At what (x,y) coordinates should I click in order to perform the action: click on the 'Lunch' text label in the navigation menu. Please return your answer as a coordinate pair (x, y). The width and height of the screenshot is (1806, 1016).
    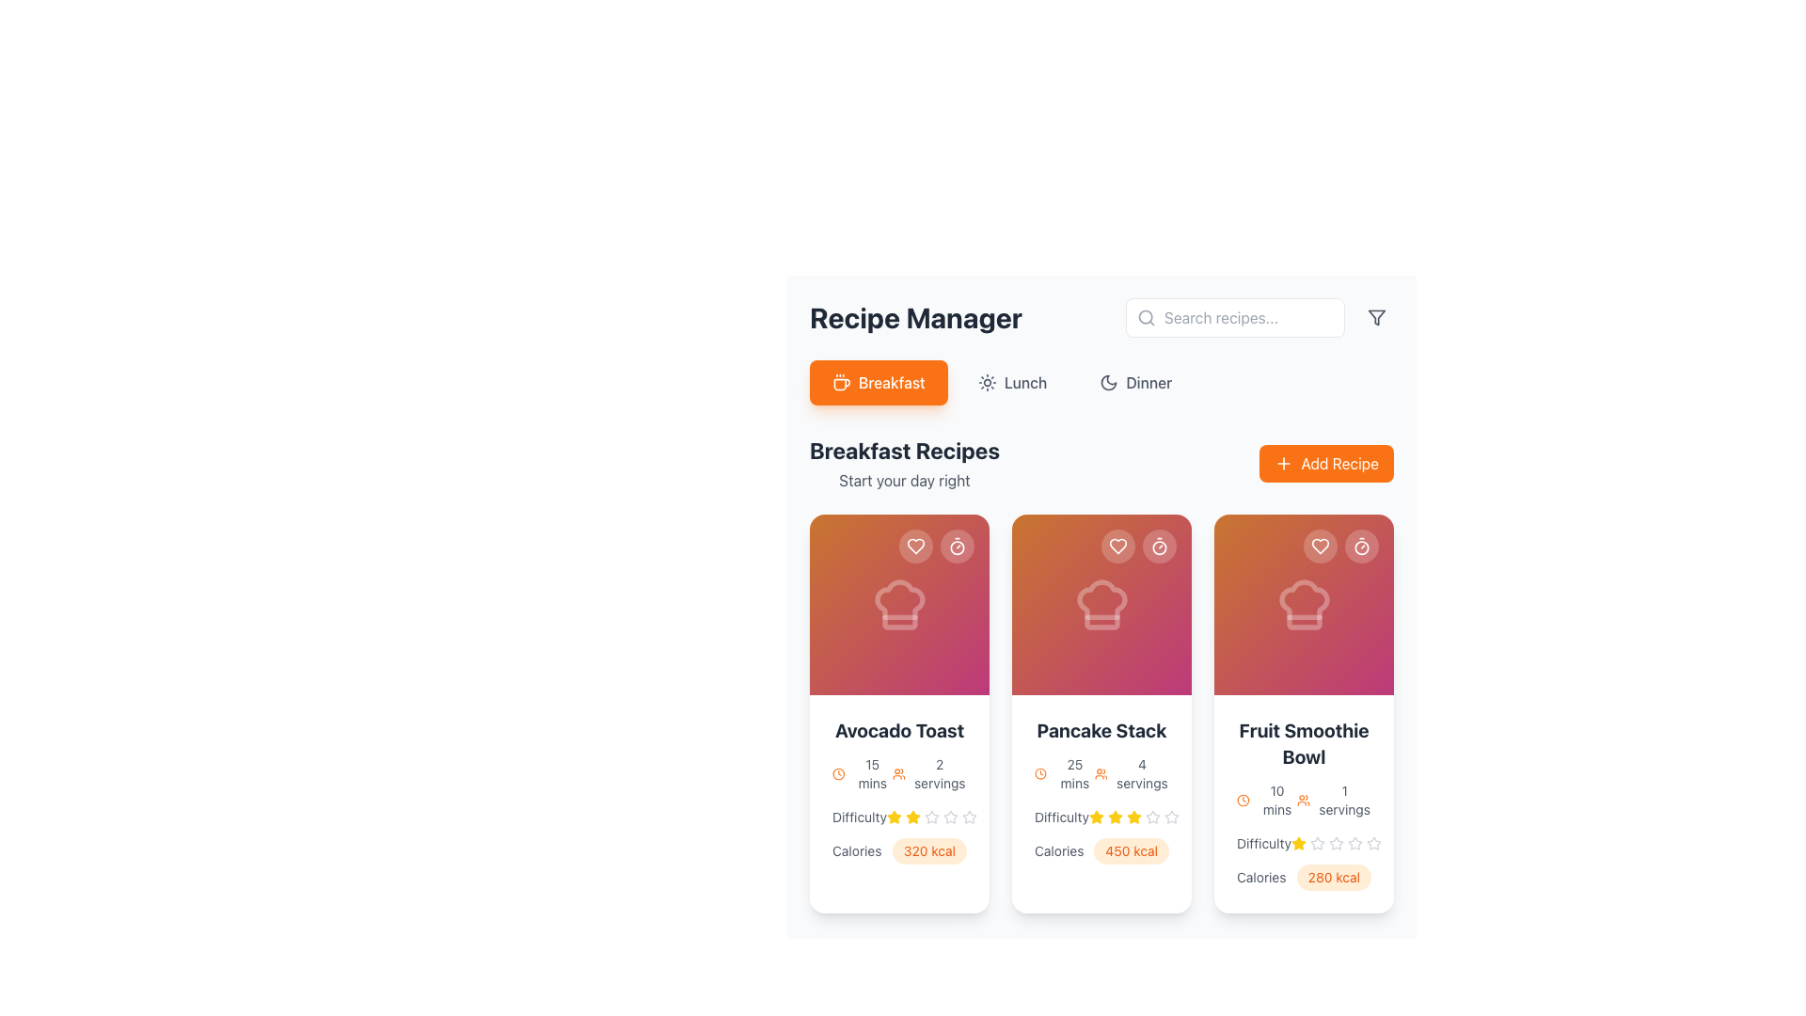
    Looking at the image, I should click on (1024, 382).